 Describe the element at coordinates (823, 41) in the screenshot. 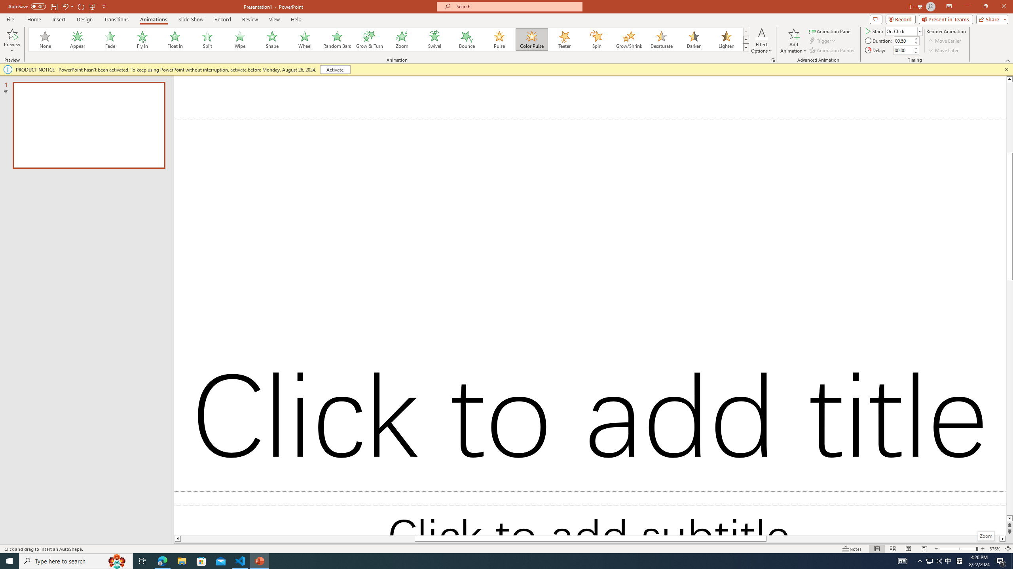

I see `'Trigger'` at that location.